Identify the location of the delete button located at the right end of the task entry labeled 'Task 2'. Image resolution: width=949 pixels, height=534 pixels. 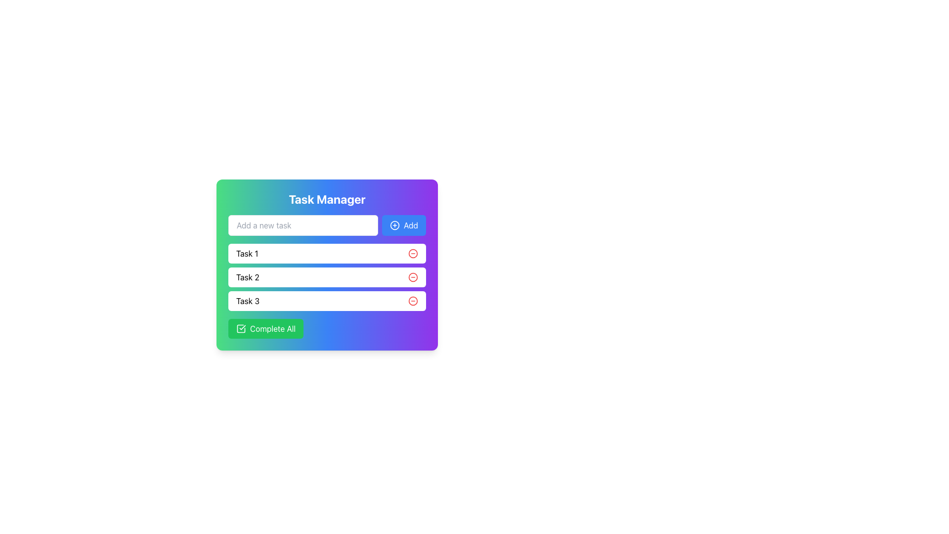
(413, 277).